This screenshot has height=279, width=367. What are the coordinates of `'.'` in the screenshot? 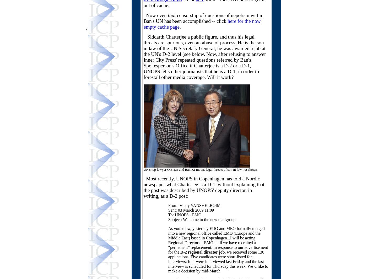 It's located at (180, 27).